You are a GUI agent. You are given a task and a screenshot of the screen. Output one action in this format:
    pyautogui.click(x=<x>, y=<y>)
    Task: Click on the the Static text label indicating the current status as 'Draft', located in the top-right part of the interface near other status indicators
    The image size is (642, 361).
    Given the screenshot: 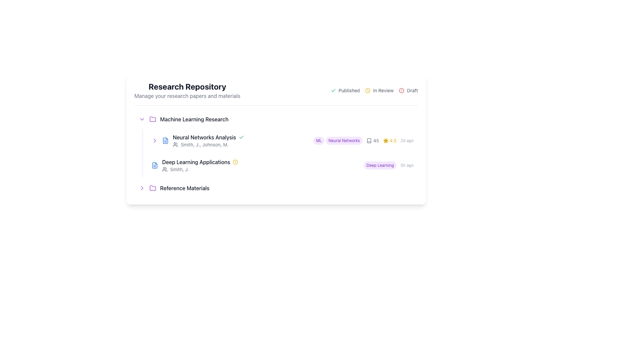 What is the action you would take?
    pyautogui.click(x=412, y=90)
    